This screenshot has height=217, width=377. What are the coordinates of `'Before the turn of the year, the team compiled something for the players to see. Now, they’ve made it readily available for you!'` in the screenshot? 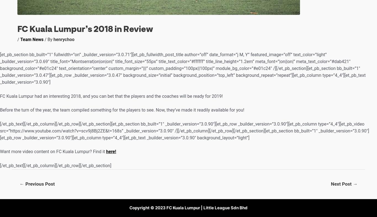 It's located at (122, 110).